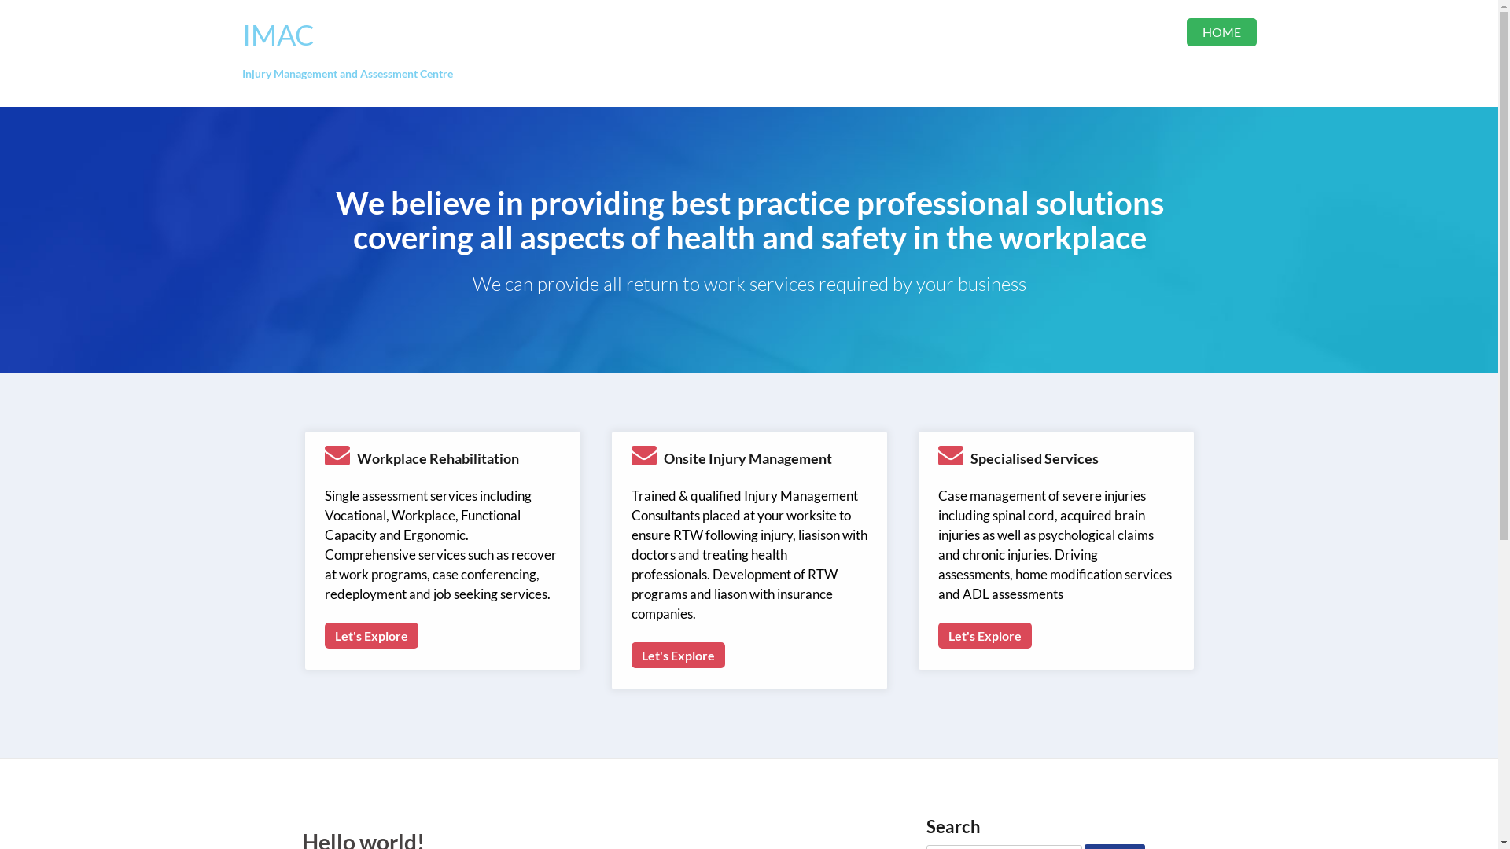 Image resolution: width=1510 pixels, height=849 pixels. What do you see at coordinates (1200, 32) in the screenshot?
I see `'HOME'` at bounding box center [1200, 32].